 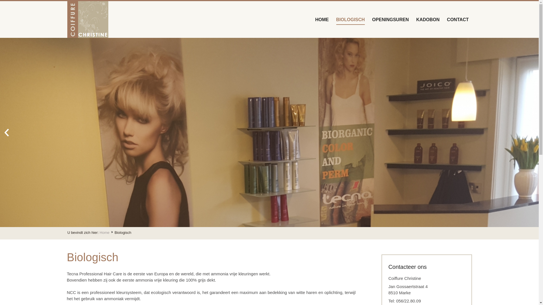 What do you see at coordinates (350, 19) in the screenshot?
I see `'BIOLOGISCH'` at bounding box center [350, 19].